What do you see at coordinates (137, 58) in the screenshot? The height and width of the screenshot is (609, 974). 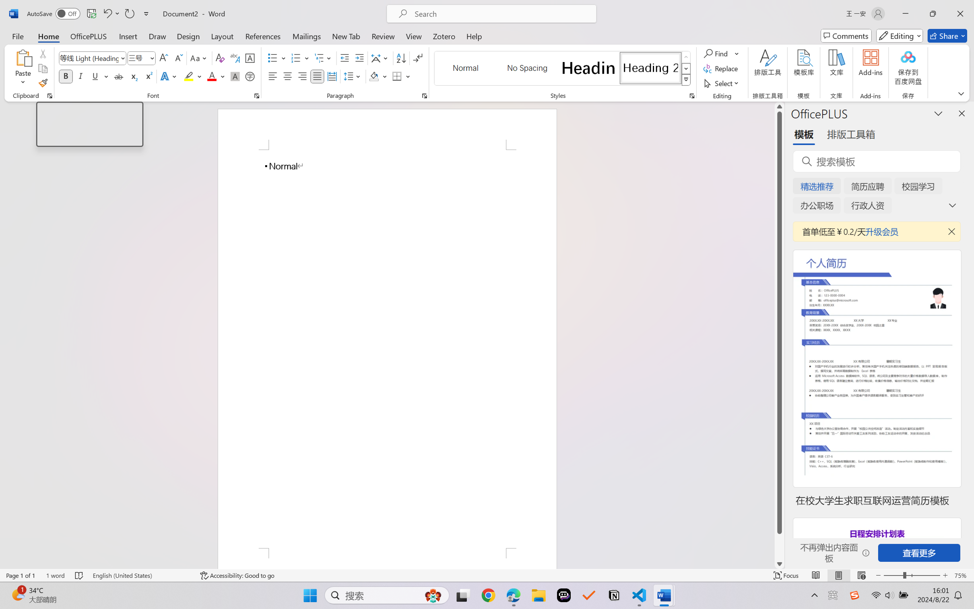 I see `'Font Size'` at bounding box center [137, 58].